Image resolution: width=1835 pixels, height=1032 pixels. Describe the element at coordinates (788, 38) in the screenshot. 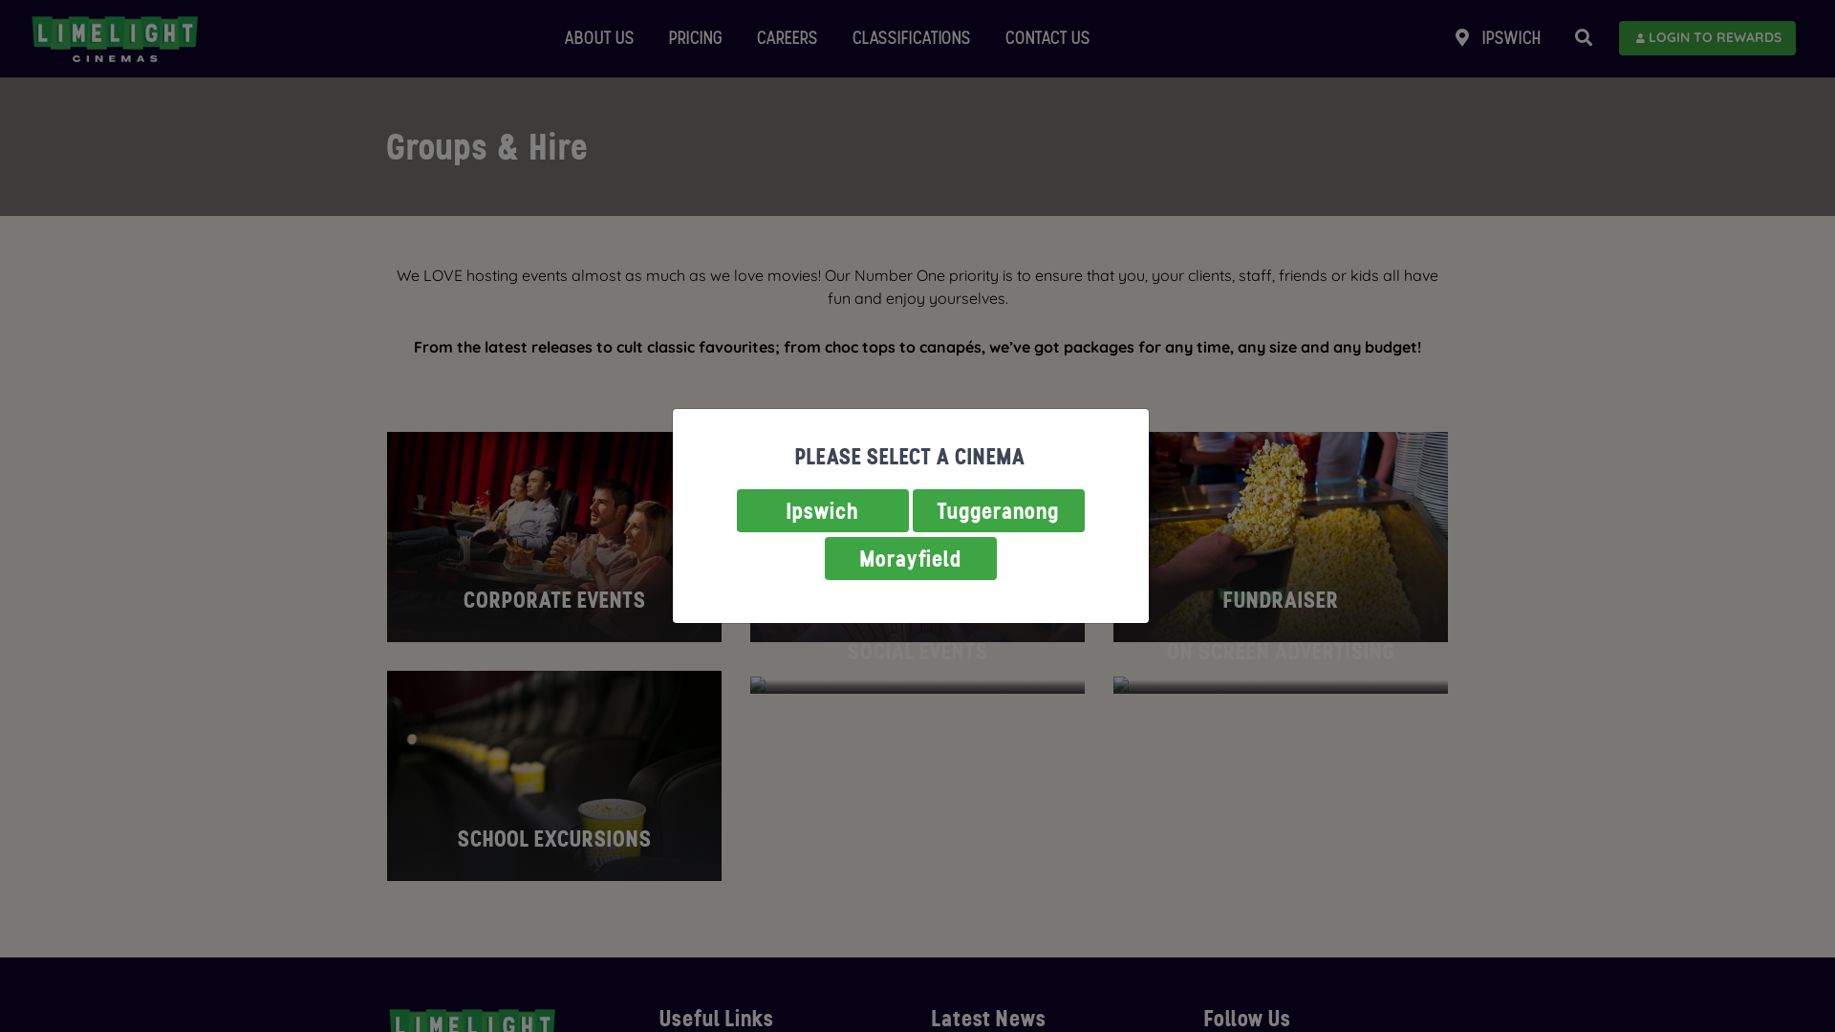

I see `'CAREERS'` at that location.